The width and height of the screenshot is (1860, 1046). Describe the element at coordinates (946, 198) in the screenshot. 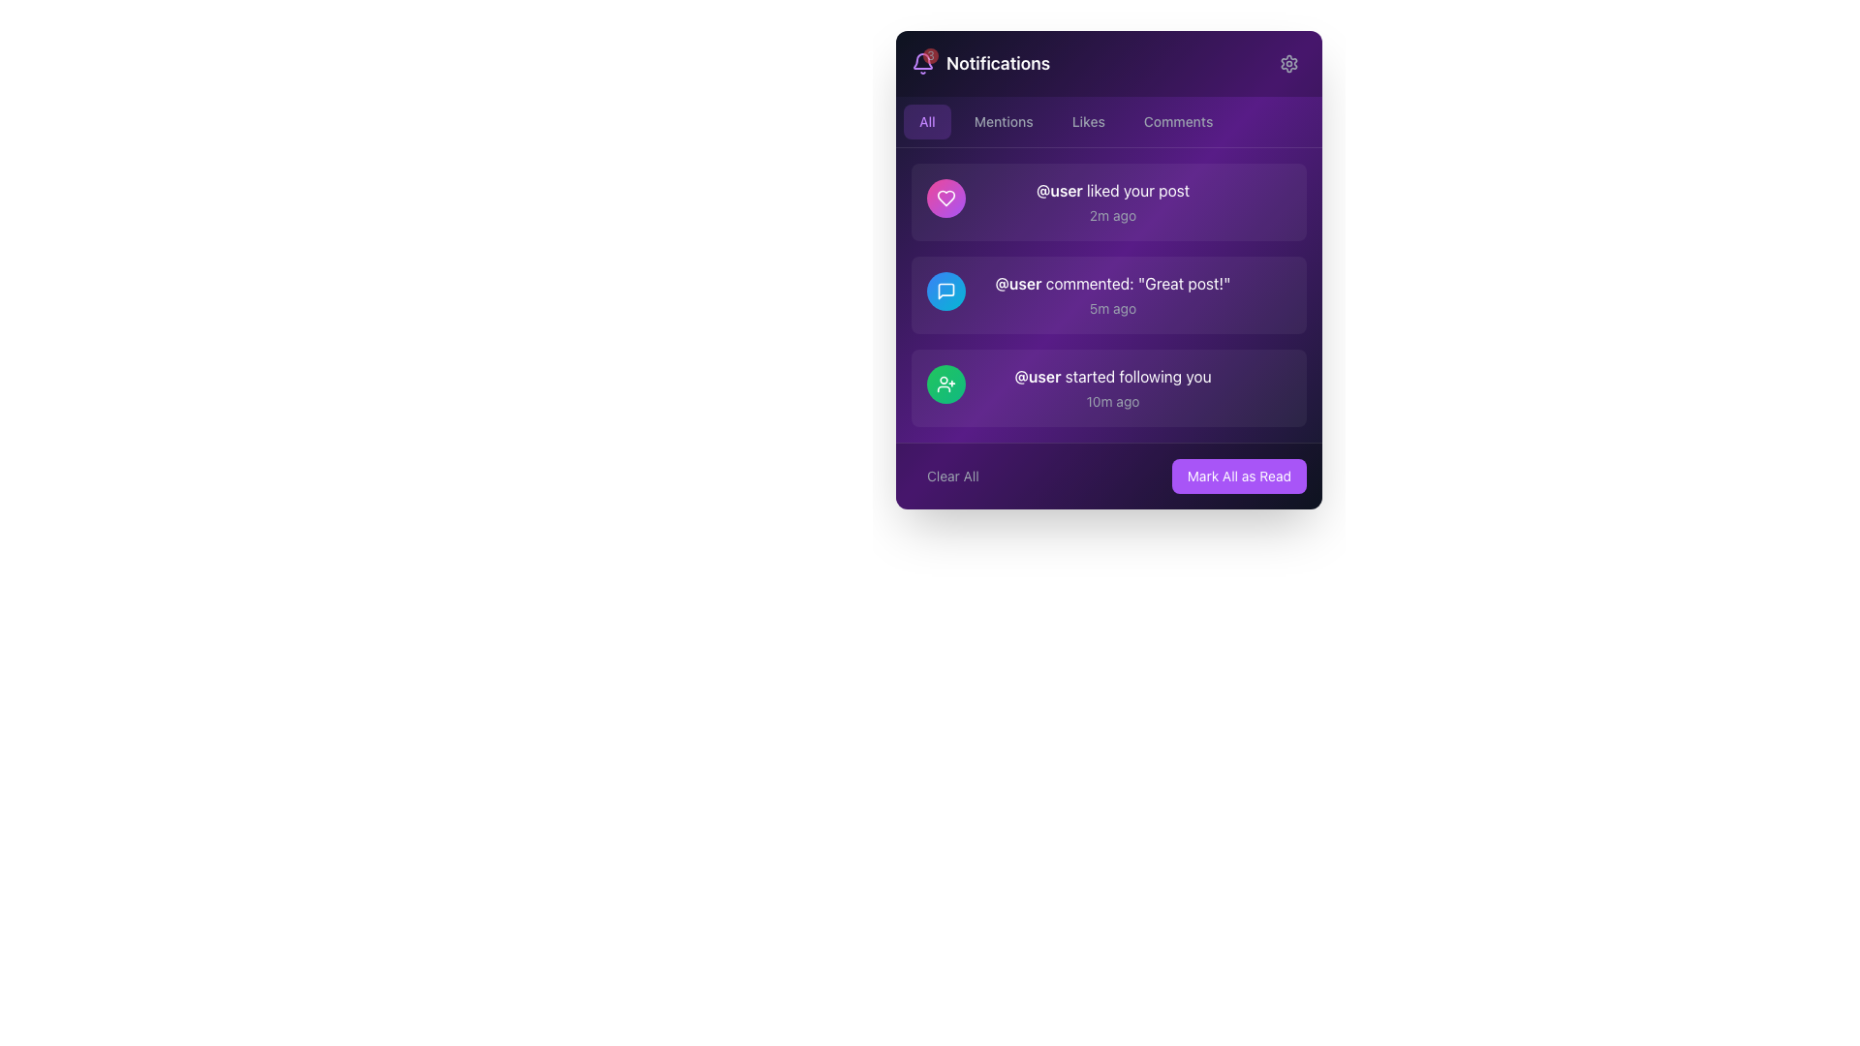

I see `the circular icon with a gradient background transitioning from pink to purple, which encloses a white heart outline, indicating a 'like' interaction, positioned at the far left of the 'notification' item row for 'user liked your post'` at that location.